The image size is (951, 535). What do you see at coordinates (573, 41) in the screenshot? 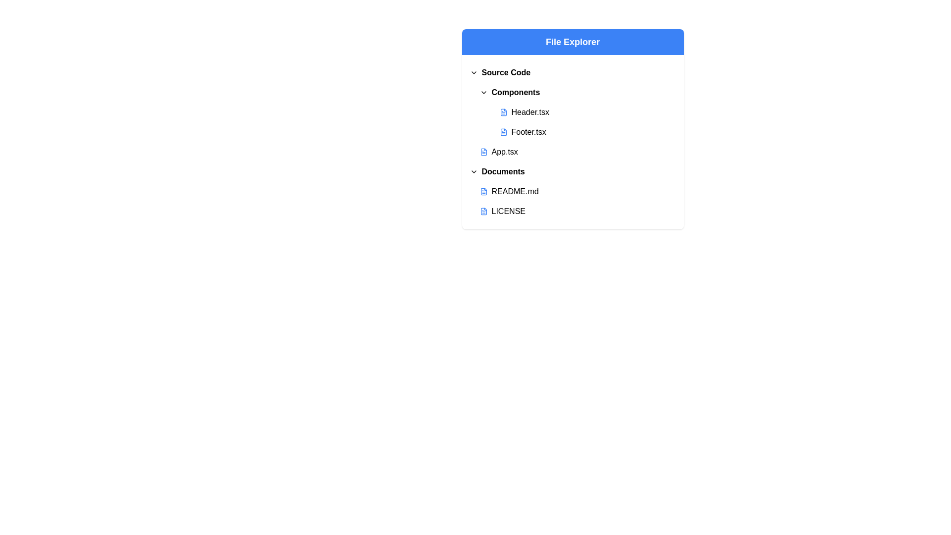
I see `the text label at the top of the panel indicating the name or purpose of the file management section, which has a blue background` at bounding box center [573, 41].